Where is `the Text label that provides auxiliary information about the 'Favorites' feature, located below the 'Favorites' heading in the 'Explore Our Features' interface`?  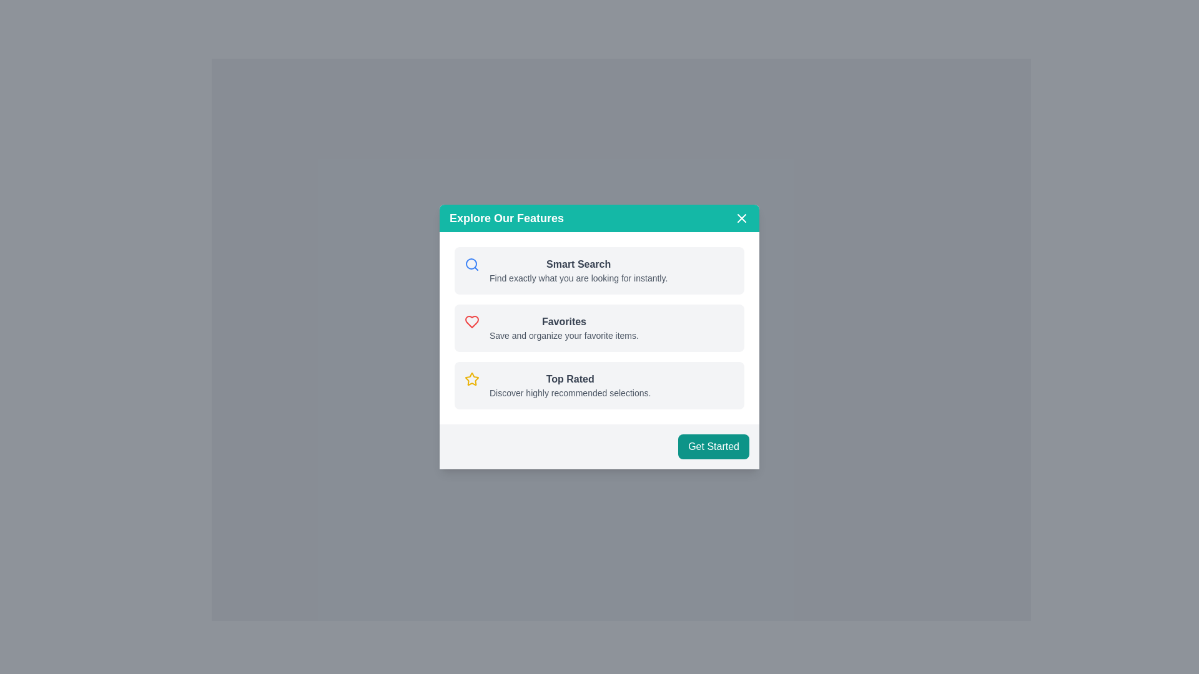 the Text label that provides auxiliary information about the 'Favorites' feature, located below the 'Favorites' heading in the 'Explore Our Features' interface is located at coordinates (563, 335).